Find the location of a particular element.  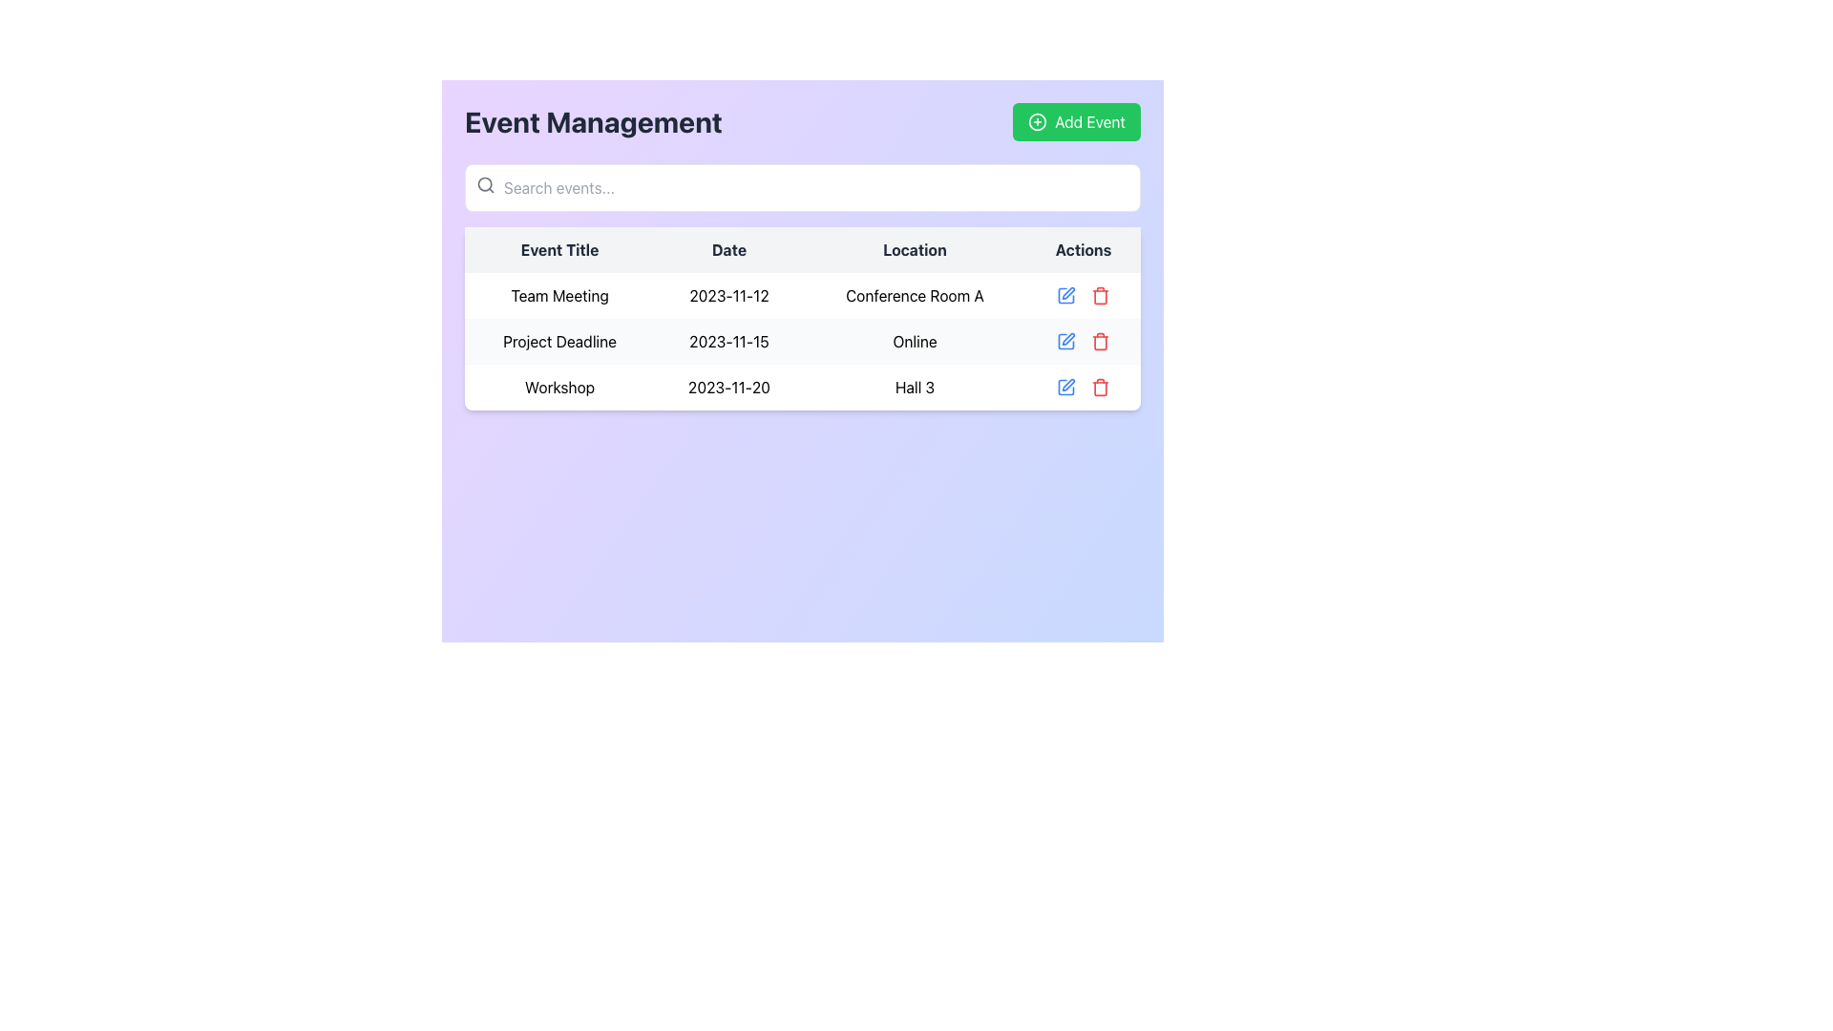

the control group element in the 'Actions' column of the 'Project Deadline' row is located at coordinates (1084, 341).